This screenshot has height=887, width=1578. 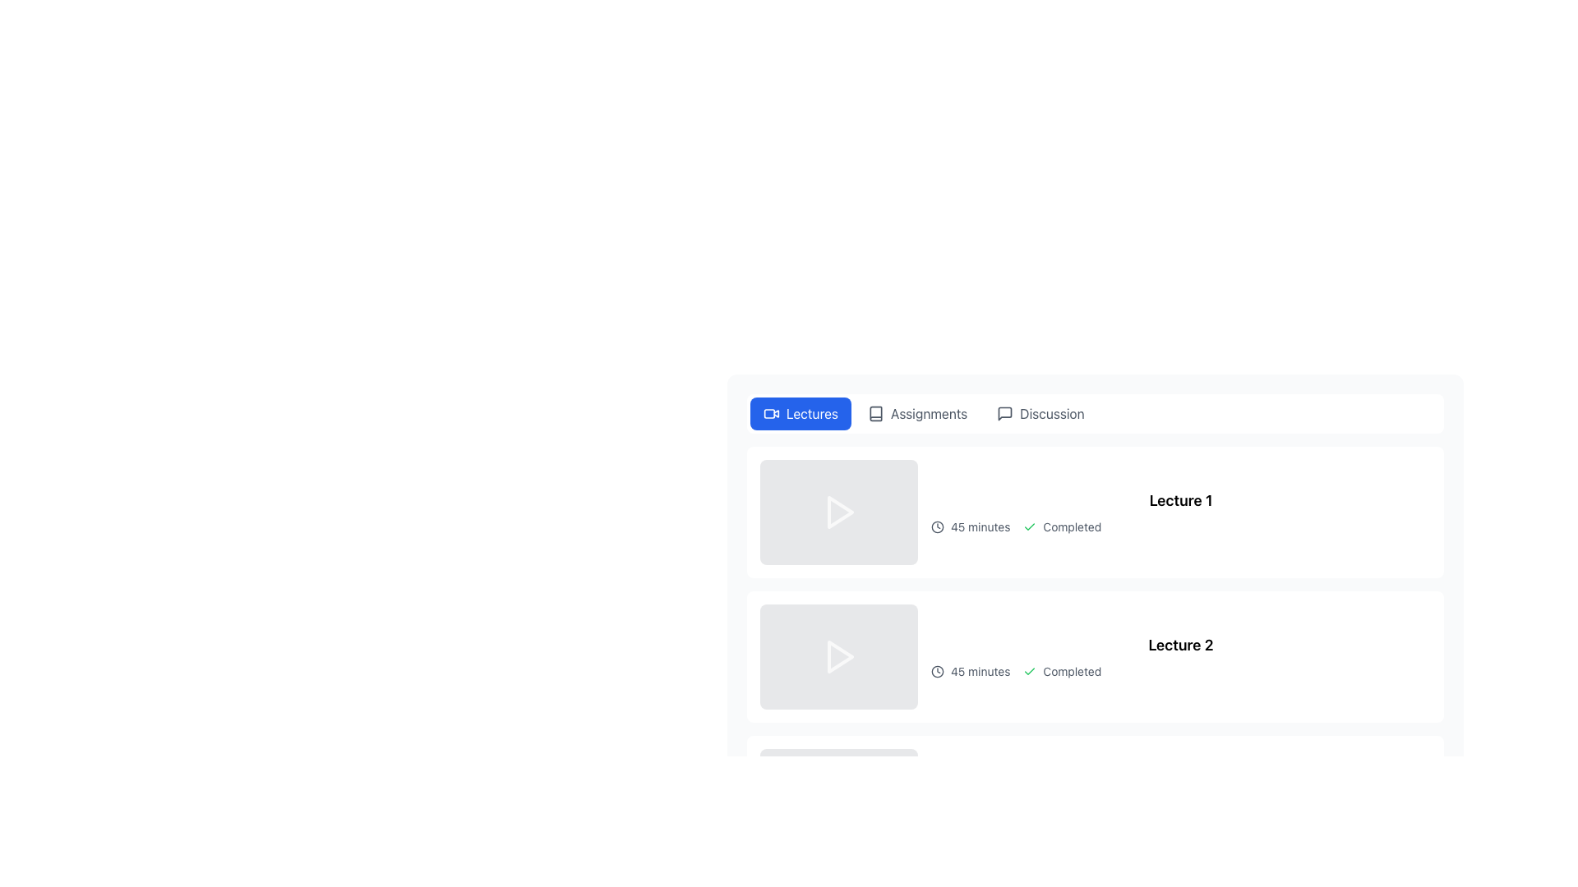 What do you see at coordinates (874, 413) in the screenshot?
I see `the outlined book icon located in the navigation section towards the top left of the interface, adjacent to a navigation label` at bounding box center [874, 413].